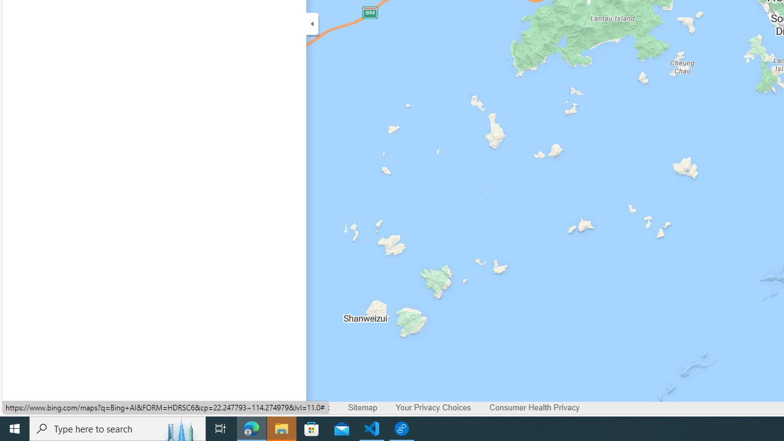 This screenshot has height=441, width=784. What do you see at coordinates (534, 408) in the screenshot?
I see `'Consumer Health Privacy'` at bounding box center [534, 408].